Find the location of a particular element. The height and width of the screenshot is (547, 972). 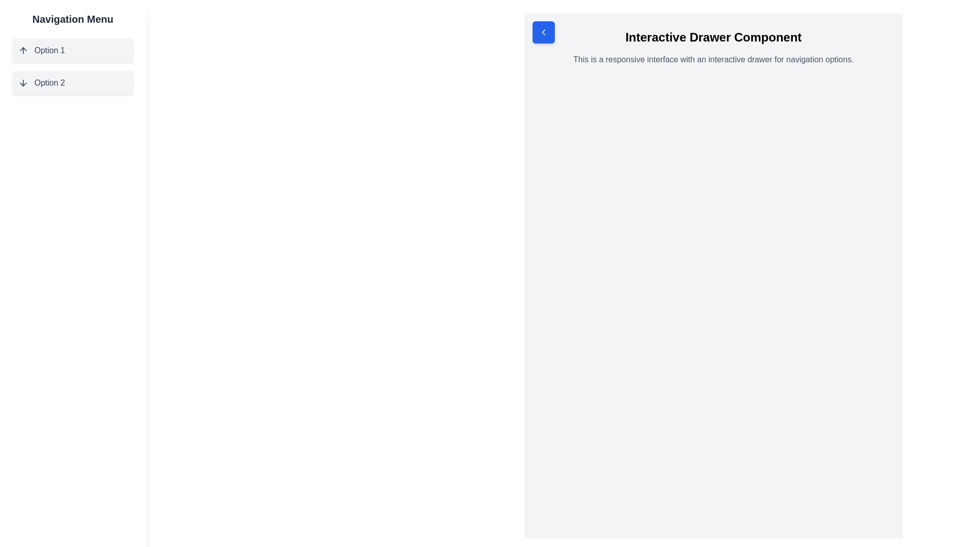

the static text element that provides contextual information for the interactive drawer component, located below the bold text 'Interactive Drawer Component' is located at coordinates (713, 60).